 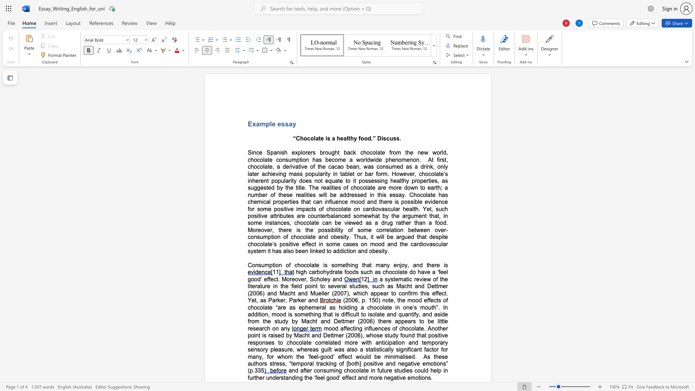 What do you see at coordinates (364, 215) in the screenshot?
I see `the space between the continuous character "m" and "e" in the text` at bounding box center [364, 215].